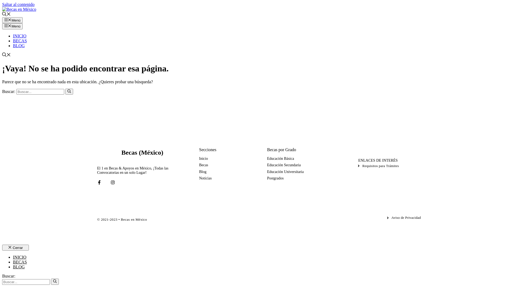 The height and width of the screenshot is (291, 518). Describe the element at coordinates (205, 178) in the screenshot. I see `'Noticias'` at that location.